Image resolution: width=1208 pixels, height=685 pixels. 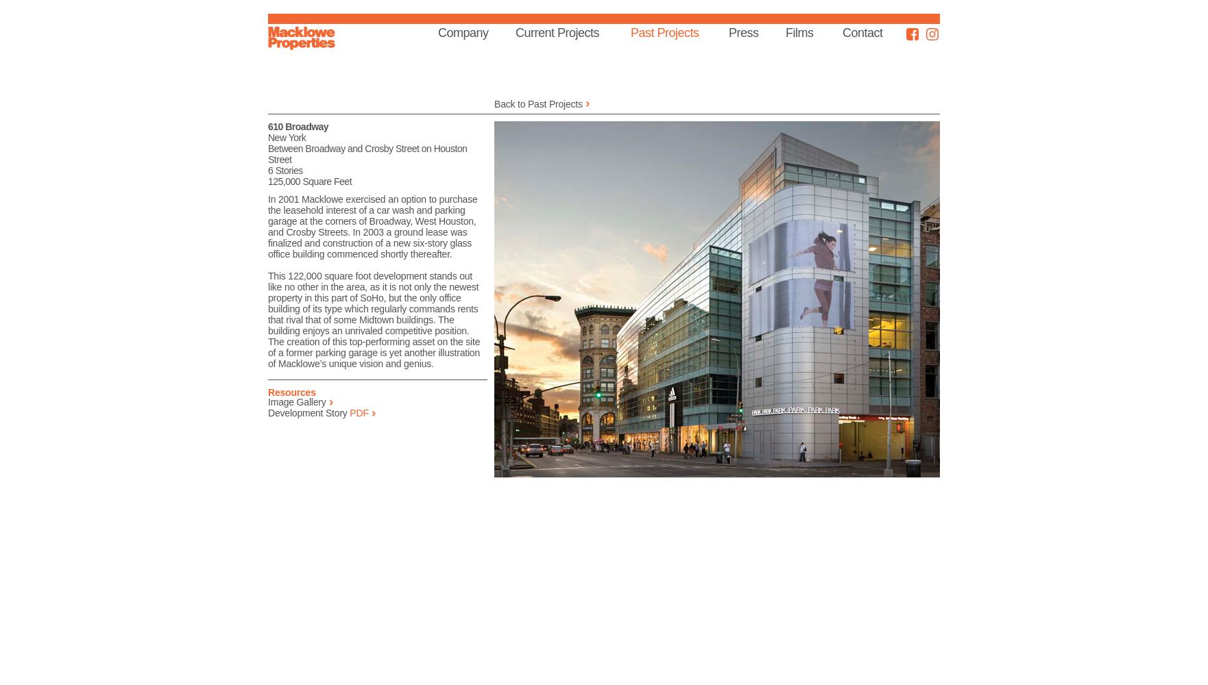 I want to click on 'Development Story', so click(x=308, y=412).